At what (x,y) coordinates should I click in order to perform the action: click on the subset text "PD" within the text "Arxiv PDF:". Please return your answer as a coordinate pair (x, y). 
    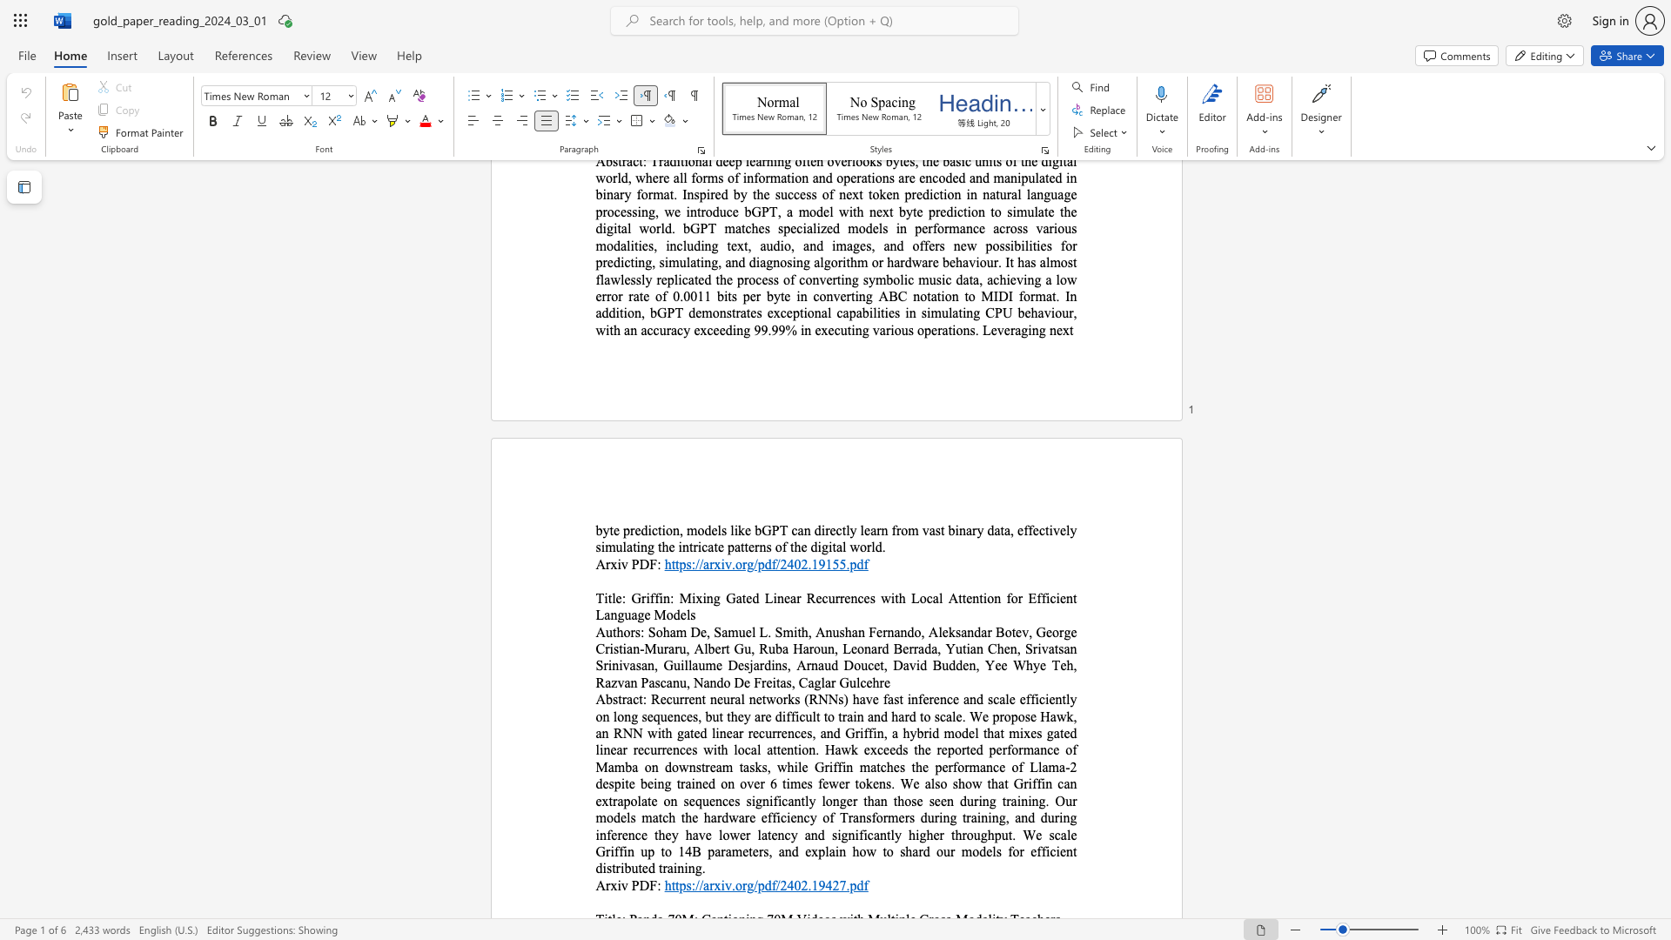
    Looking at the image, I should click on (630, 564).